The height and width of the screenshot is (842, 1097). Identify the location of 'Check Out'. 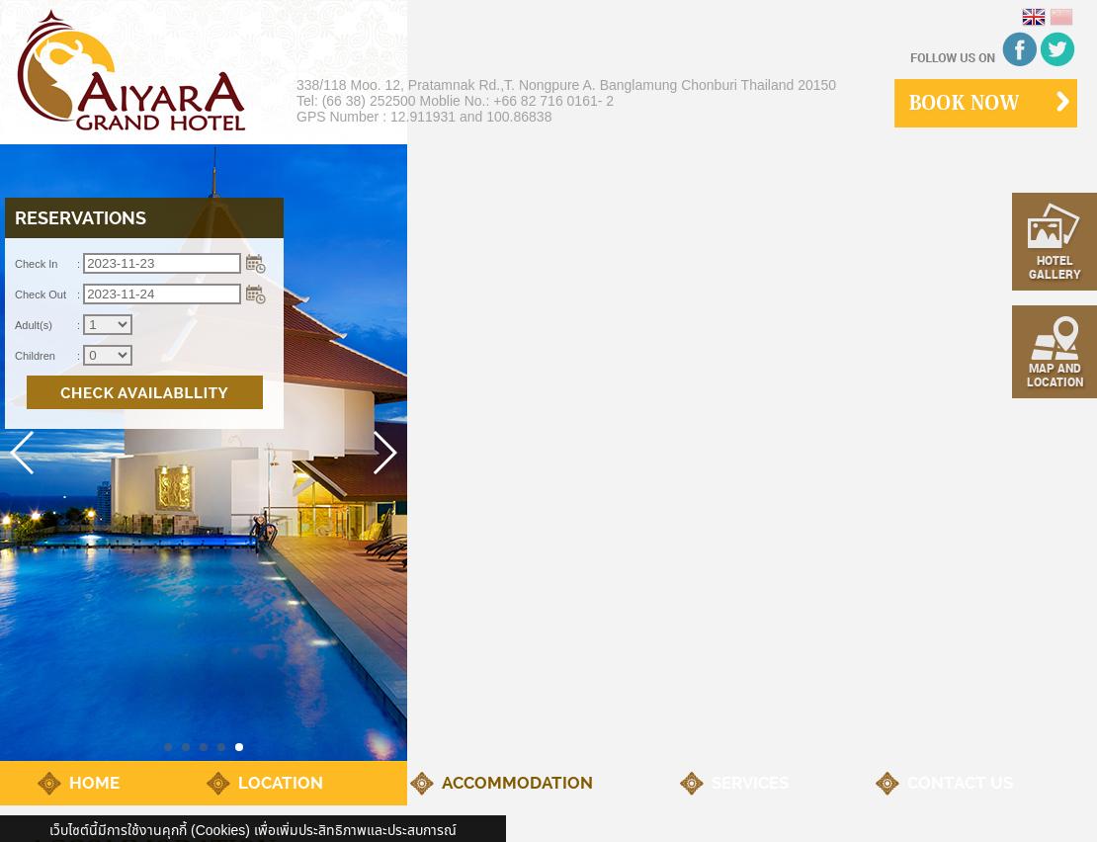
(40, 294).